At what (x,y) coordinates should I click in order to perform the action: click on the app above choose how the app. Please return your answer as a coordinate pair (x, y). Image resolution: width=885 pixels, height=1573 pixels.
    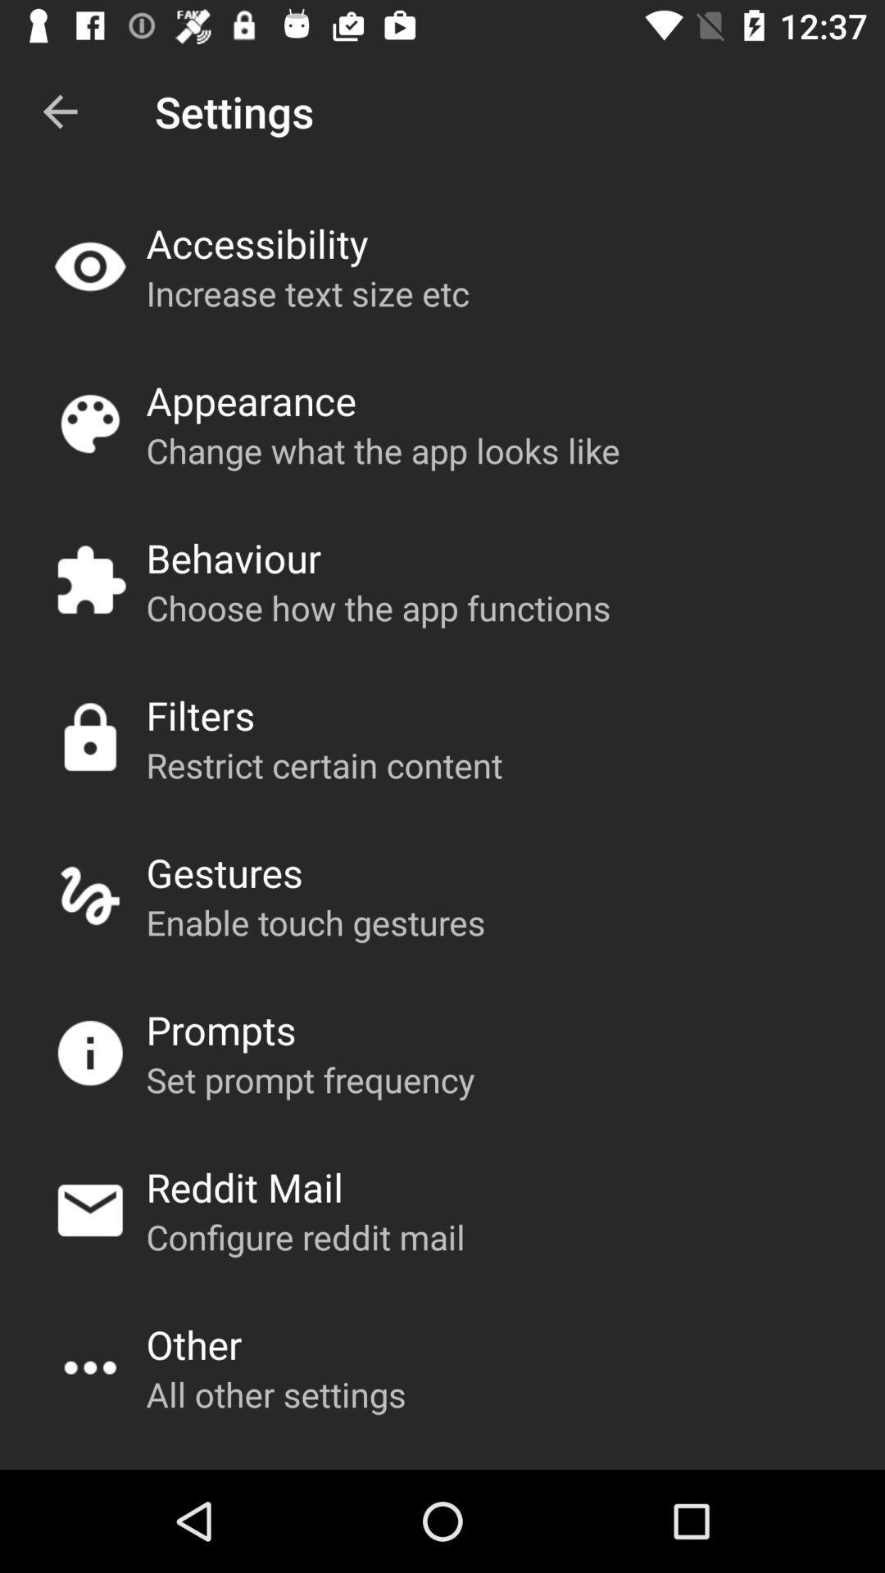
    Looking at the image, I should click on (234, 558).